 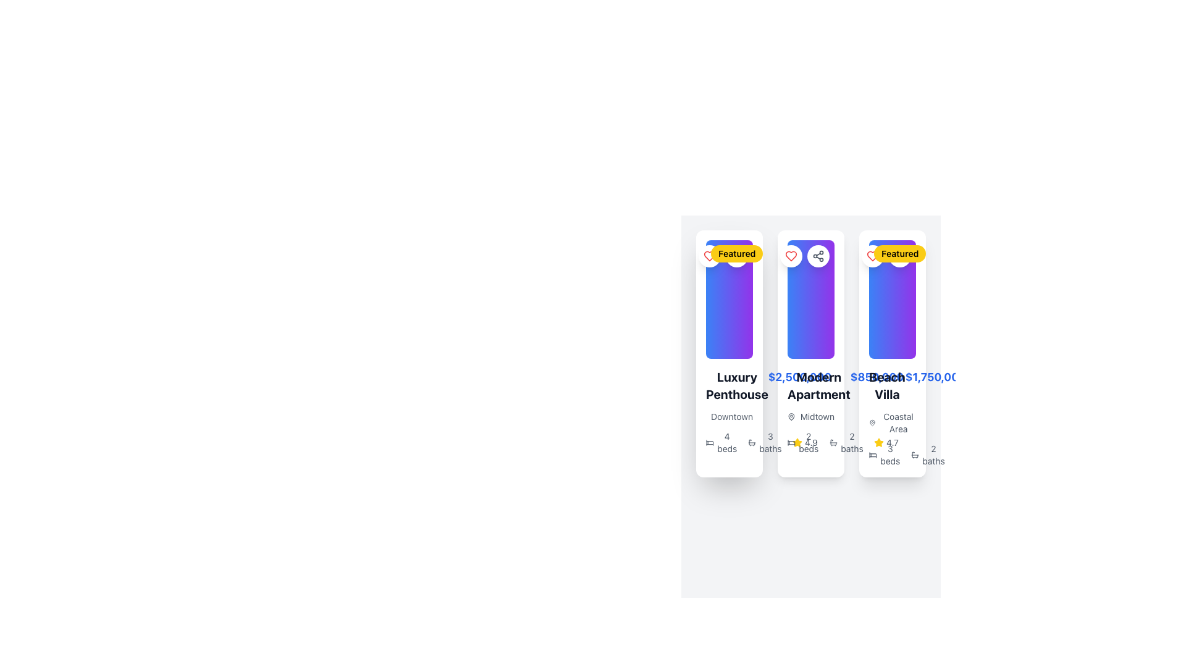 What do you see at coordinates (818, 385) in the screenshot?
I see `text from the label displaying 'Modern Apartment', which is styled in bold and dark gray, located above the price label in the second card of property listings` at bounding box center [818, 385].